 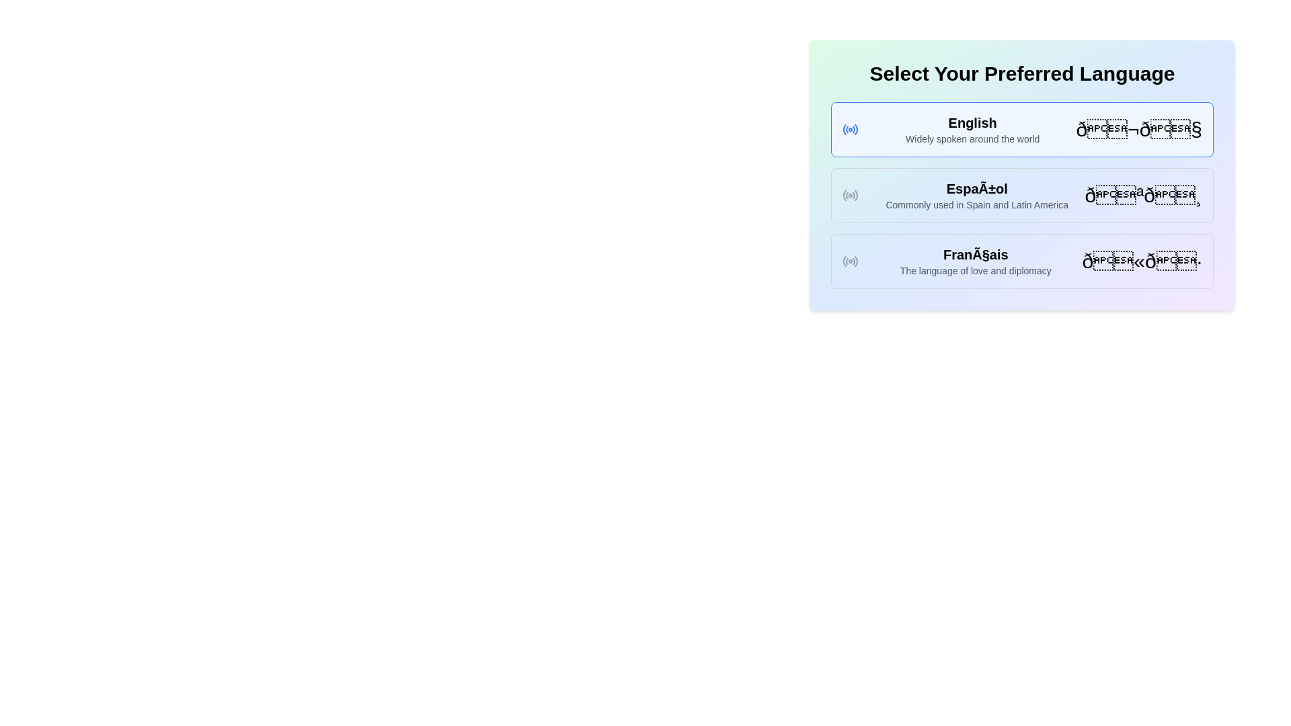 What do you see at coordinates (850, 129) in the screenshot?
I see `the blue radio button styled as a circular icon with wave-like indicators, located to the left of the 'English' label` at bounding box center [850, 129].